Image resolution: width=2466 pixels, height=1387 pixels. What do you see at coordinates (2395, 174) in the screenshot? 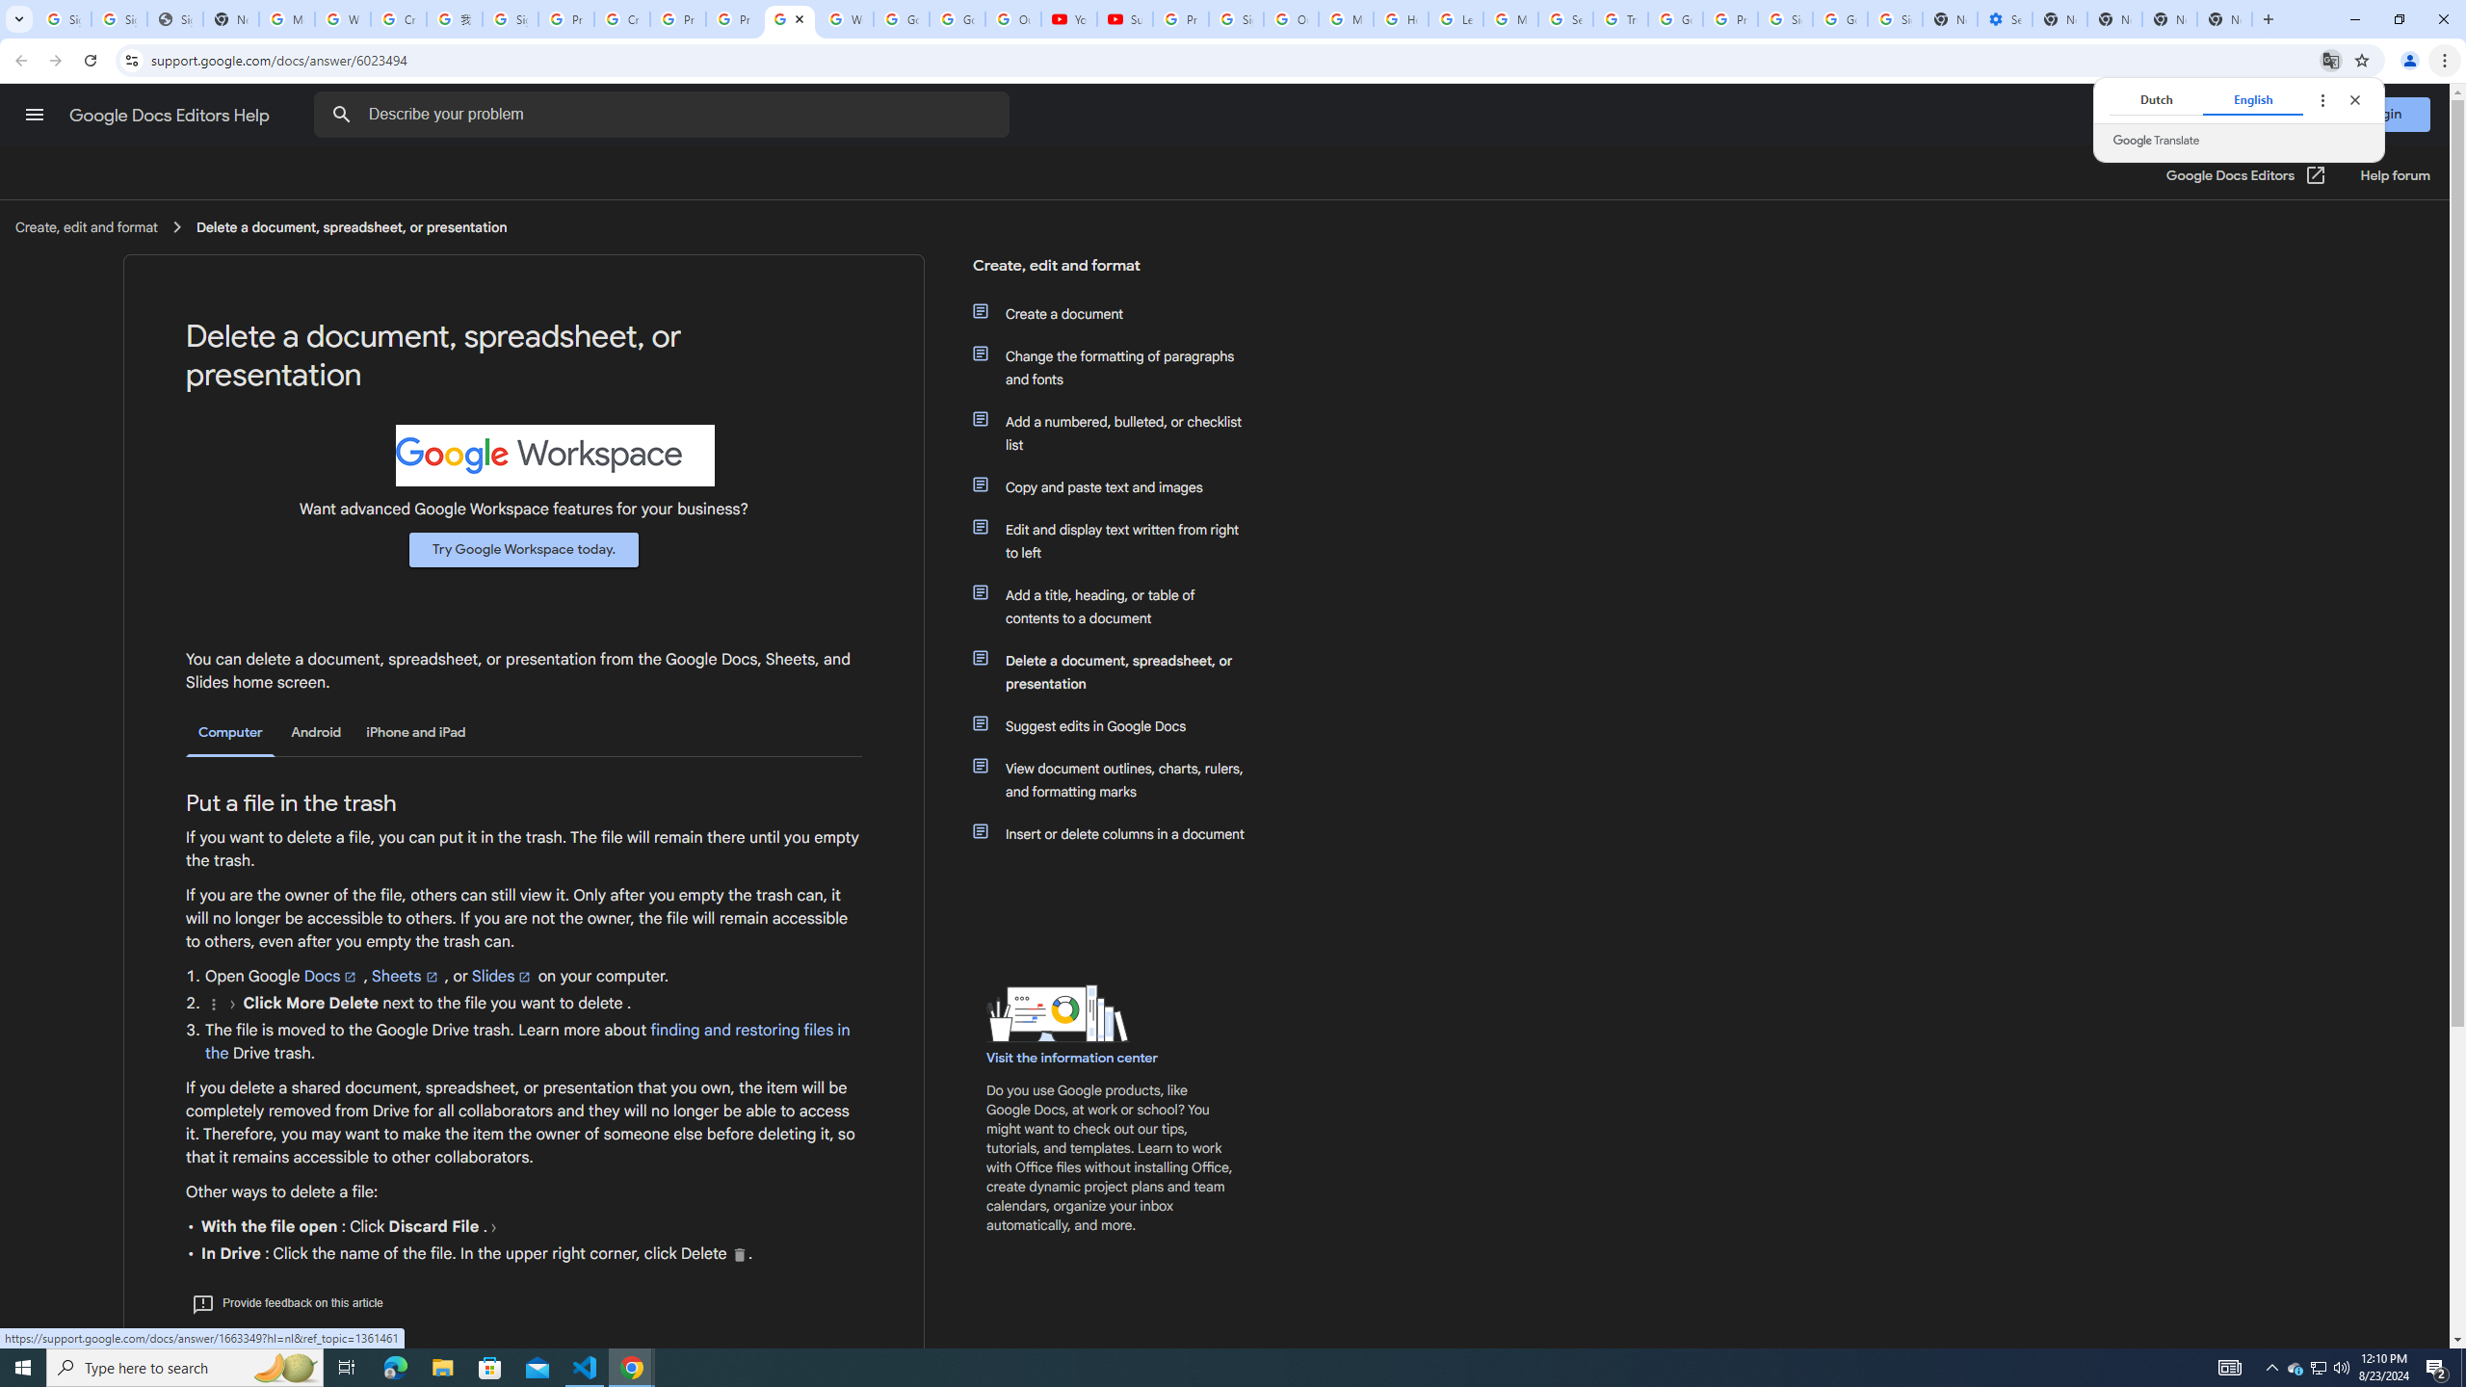
I see `'Help forum'` at bounding box center [2395, 174].